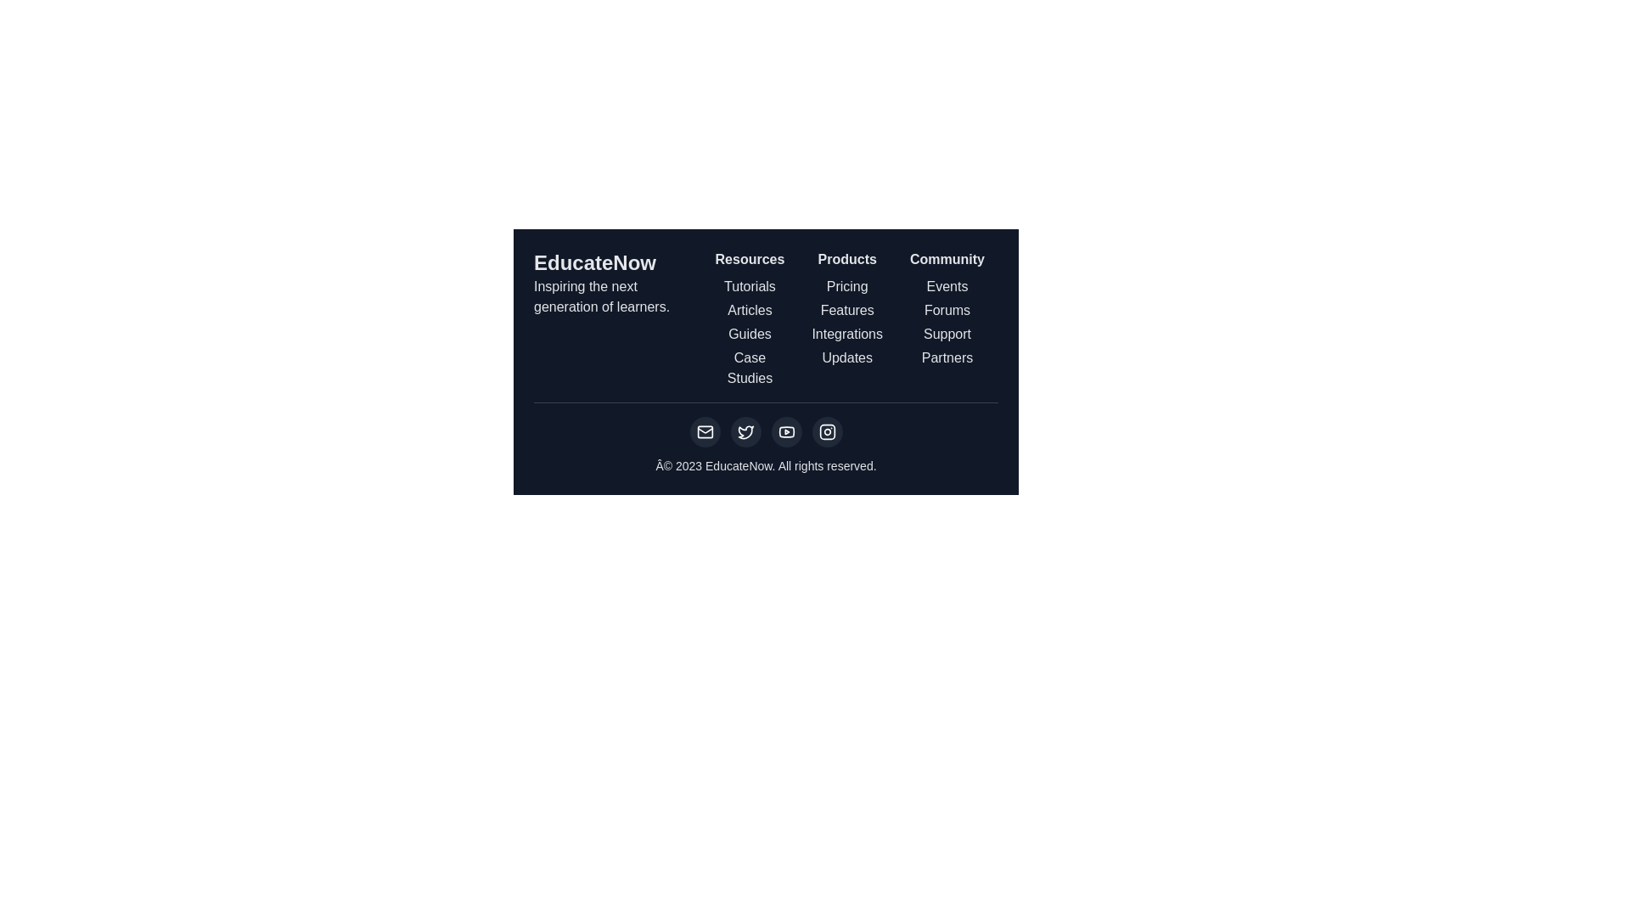 The height and width of the screenshot is (917, 1630). What do you see at coordinates (616, 296) in the screenshot?
I see `the text element that reads 'Inspiring the next generation of learners.' which is positioned beneath the bold 'EducateNow' text in the footer` at bounding box center [616, 296].